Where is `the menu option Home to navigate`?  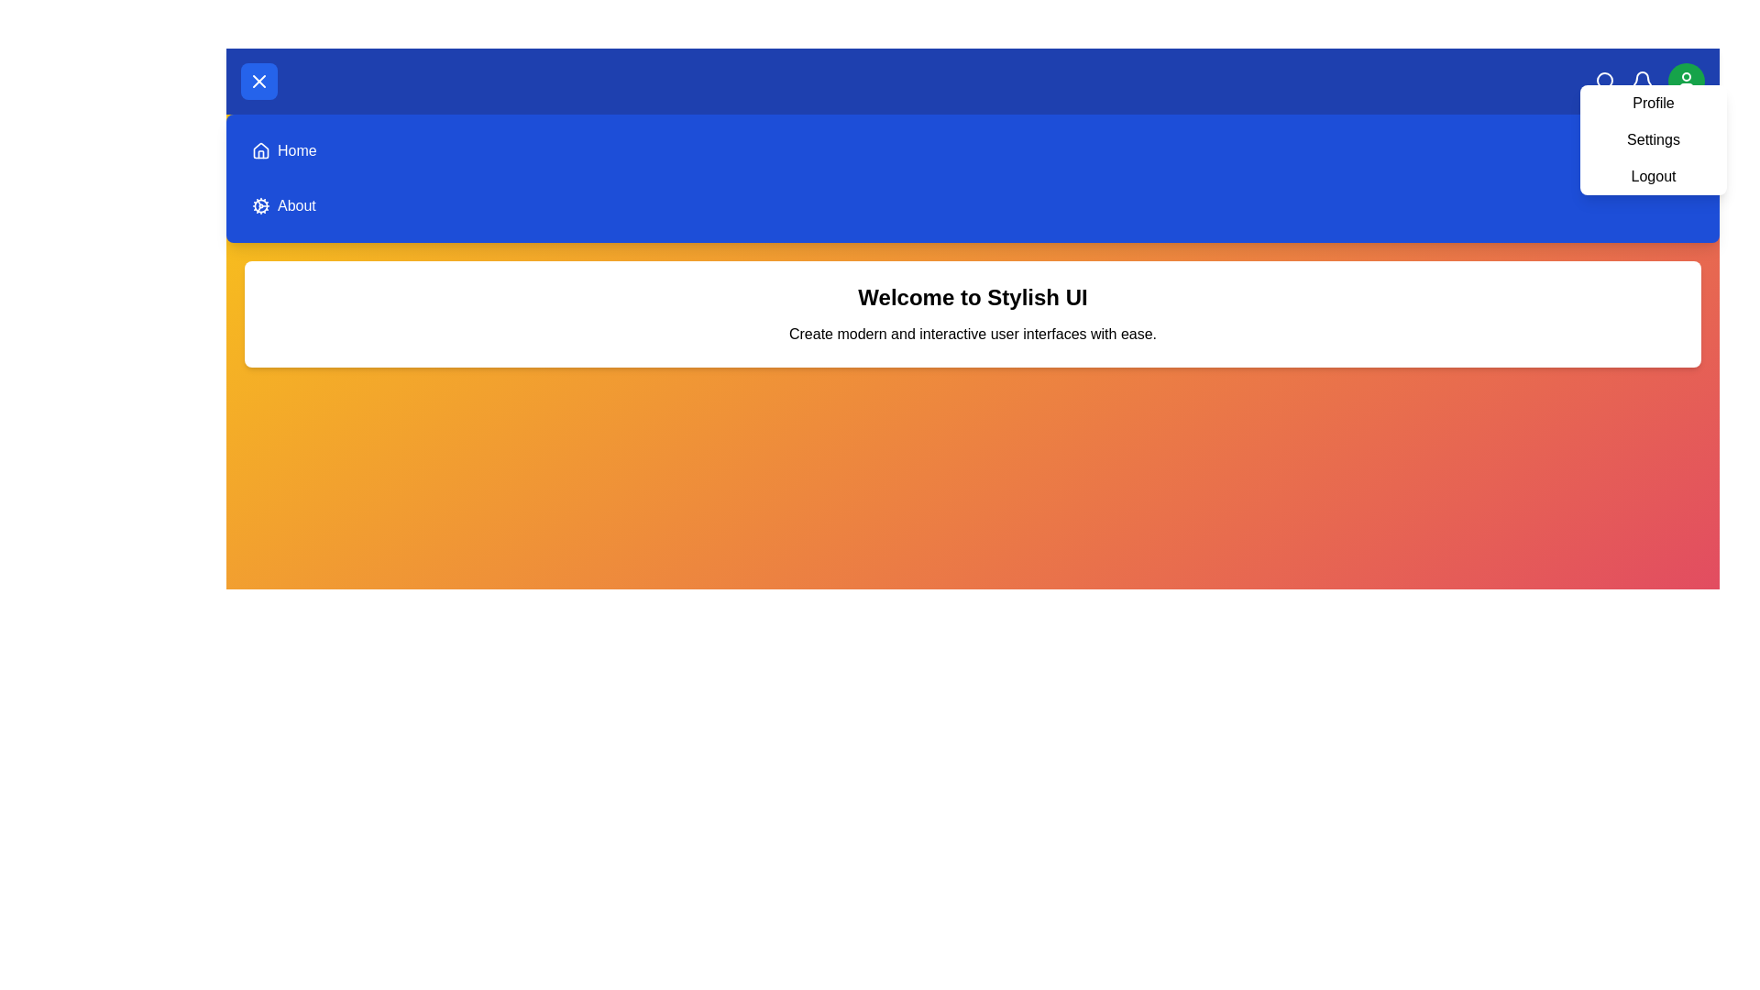
the menu option Home to navigate is located at coordinates (276, 139).